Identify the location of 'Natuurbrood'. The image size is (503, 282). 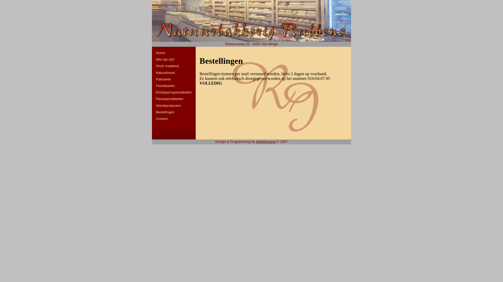
(156, 73).